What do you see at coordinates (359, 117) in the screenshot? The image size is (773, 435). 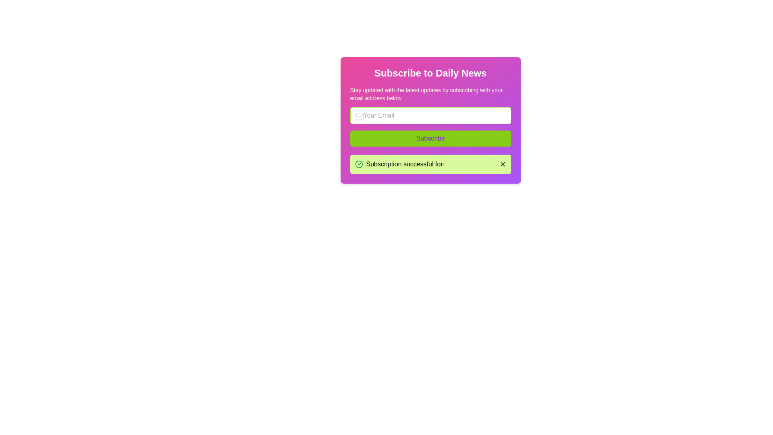 I see `the decorative rectangle element within the email icon, which serves as part of the email input field` at bounding box center [359, 117].